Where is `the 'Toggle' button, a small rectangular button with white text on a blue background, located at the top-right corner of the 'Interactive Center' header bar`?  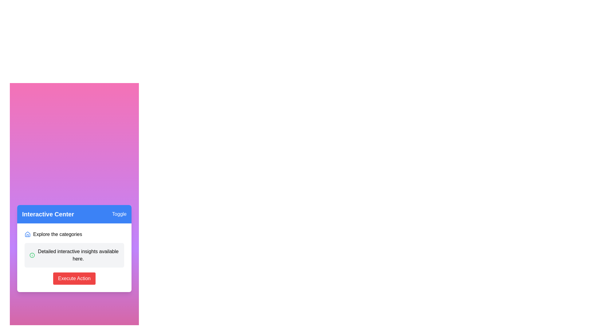
the 'Toggle' button, a small rectangular button with white text on a blue background, located at the top-right corner of the 'Interactive Center' header bar is located at coordinates (119, 214).